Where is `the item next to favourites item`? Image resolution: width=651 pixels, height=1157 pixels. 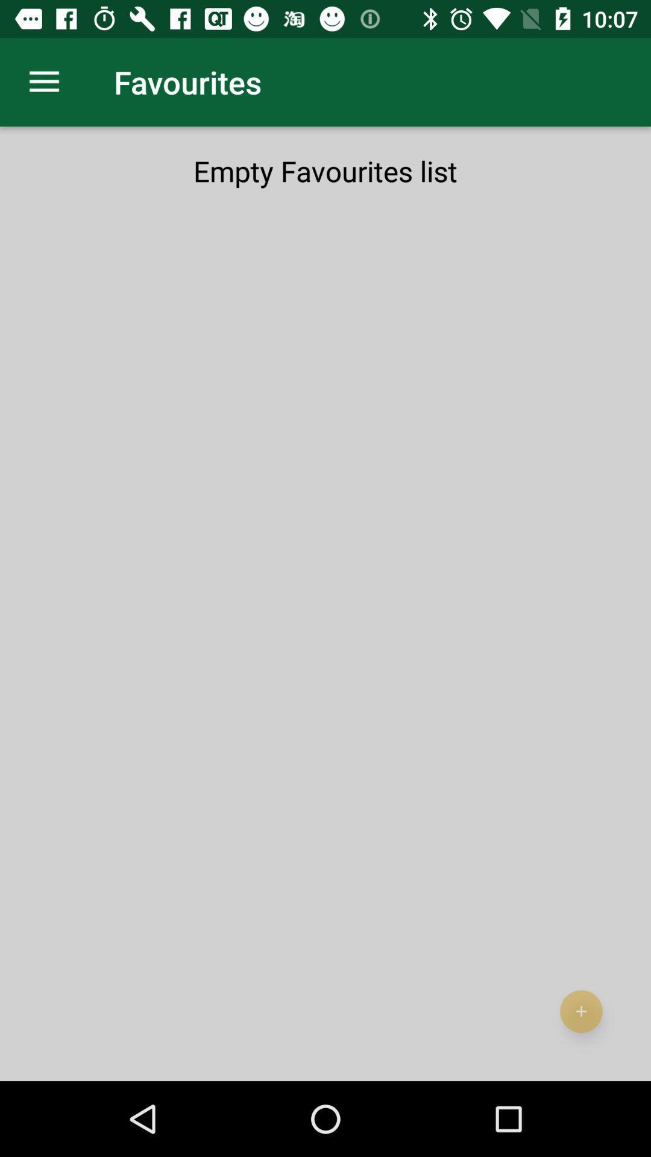 the item next to favourites item is located at coordinates (43, 81).